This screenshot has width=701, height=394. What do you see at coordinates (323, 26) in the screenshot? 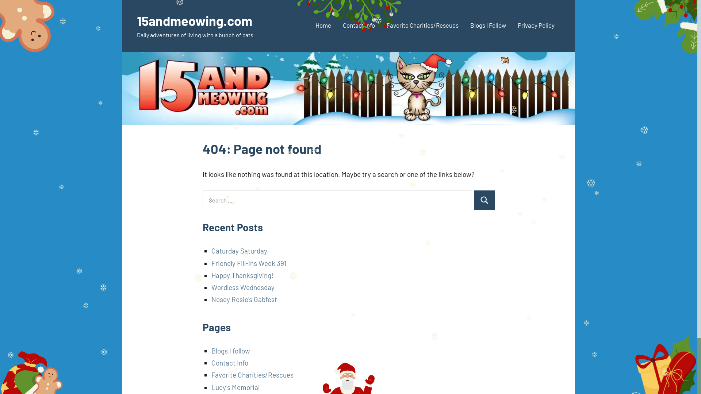
I see `'Home'` at bounding box center [323, 26].